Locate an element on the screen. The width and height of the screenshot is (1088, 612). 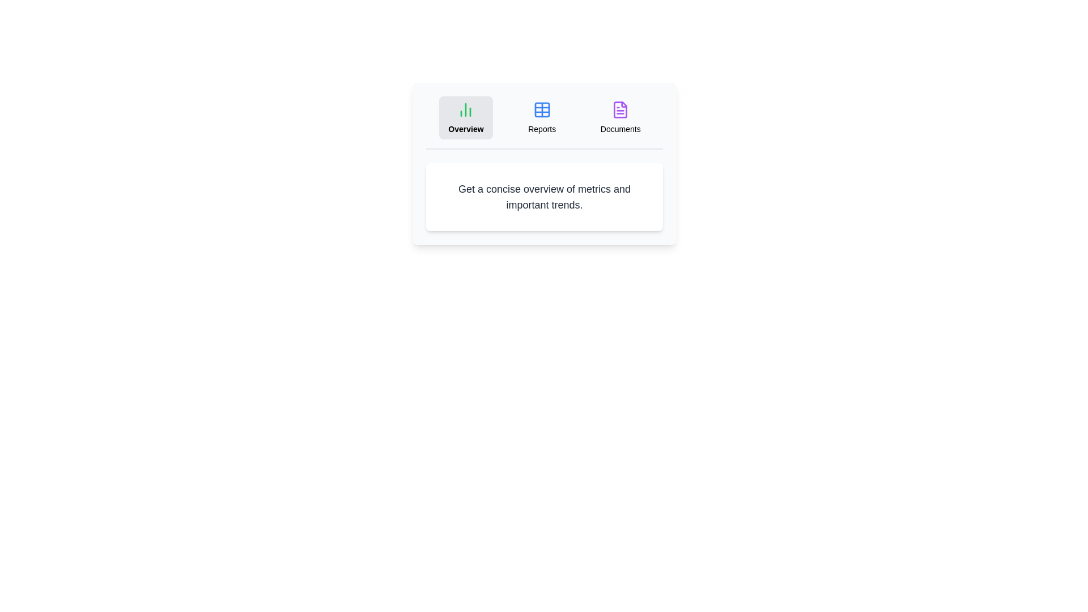
the icon of the Documents tab is located at coordinates (619, 109).